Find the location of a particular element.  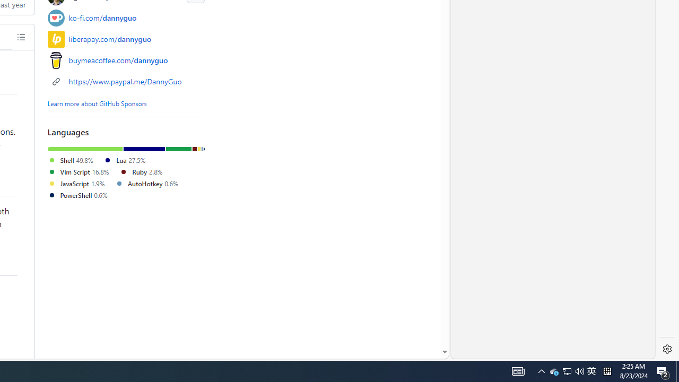

'PowerShell0.6%' is located at coordinates (81, 195).